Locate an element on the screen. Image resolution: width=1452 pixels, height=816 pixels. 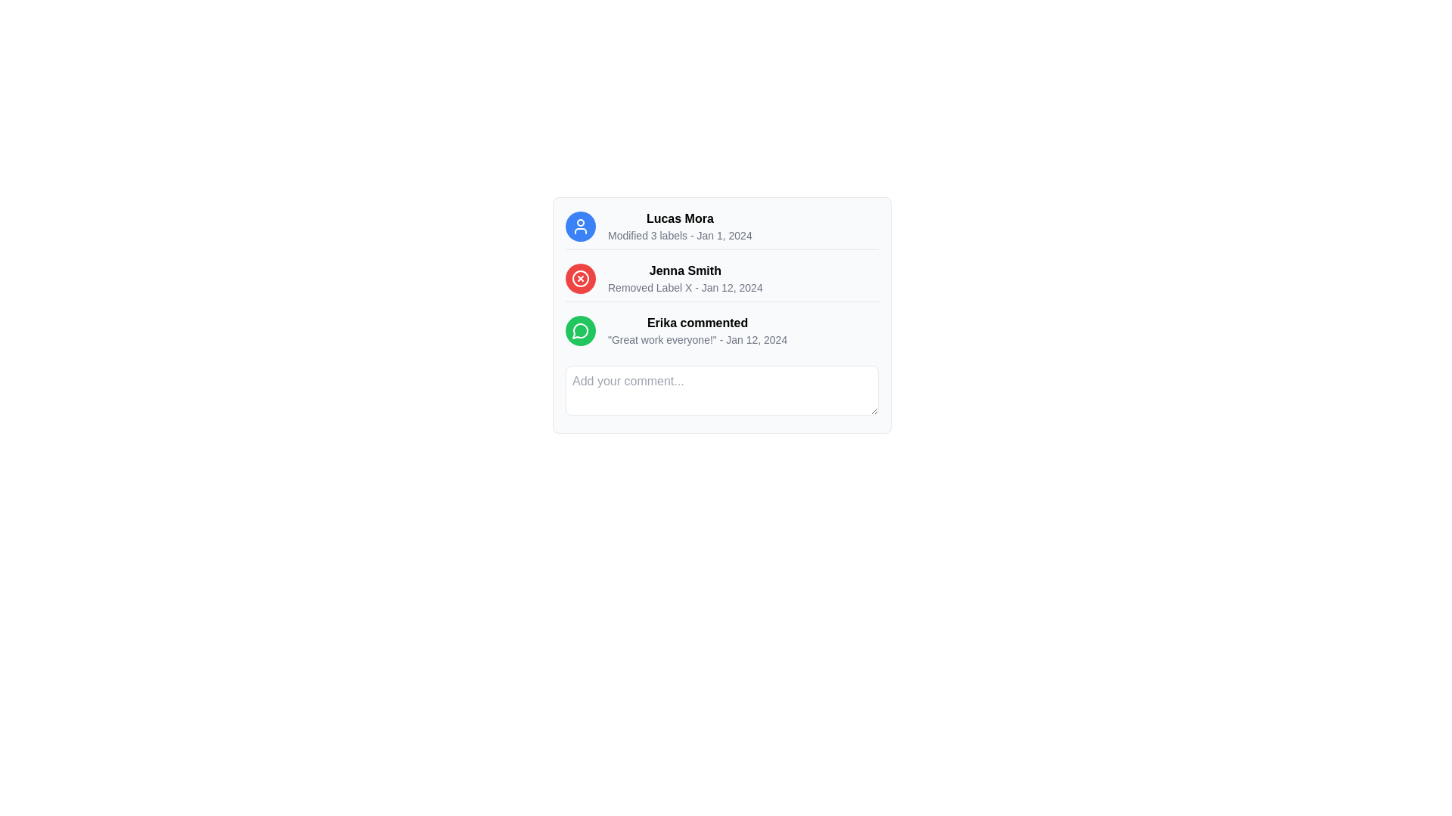
contents of the List Item element that displays 'Erika commented' along with the comment and timestamp is located at coordinates (721, 314).